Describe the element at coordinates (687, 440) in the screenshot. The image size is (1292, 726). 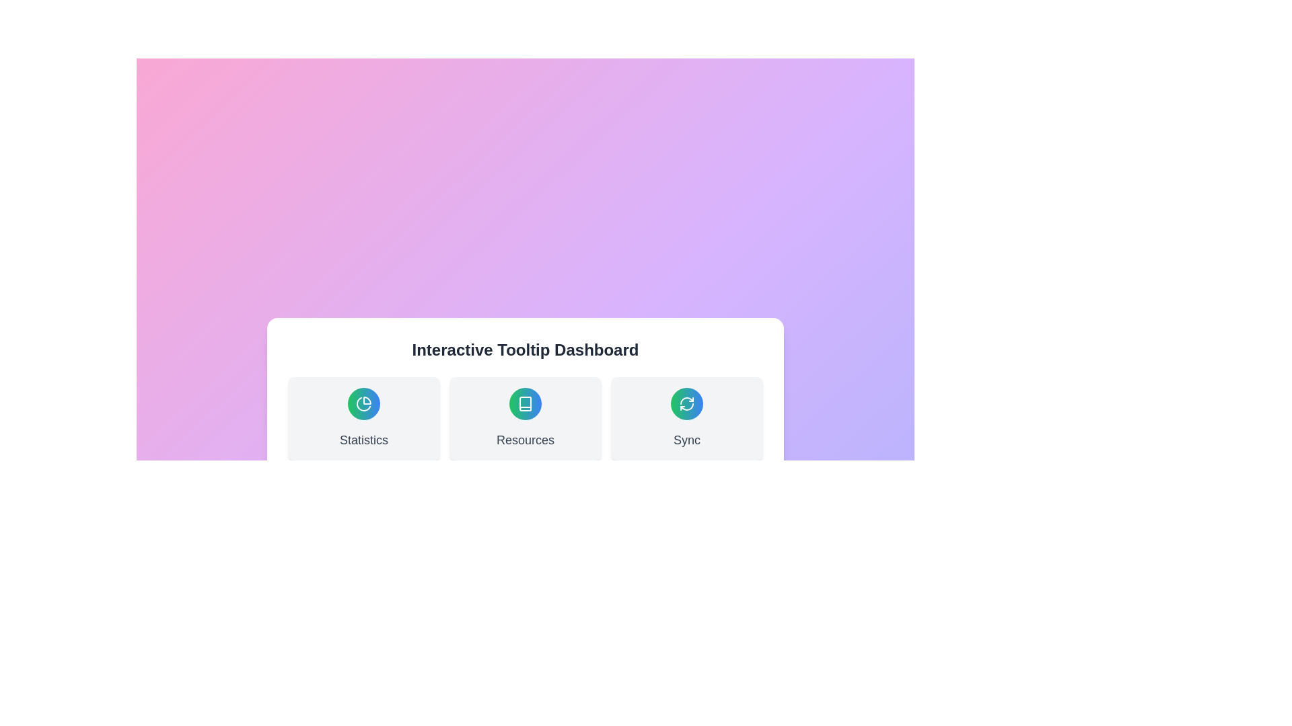
I see `the label that serves as a title for the synchronization feature within the card layout, positioned at the bottom section below an icon` at that location.